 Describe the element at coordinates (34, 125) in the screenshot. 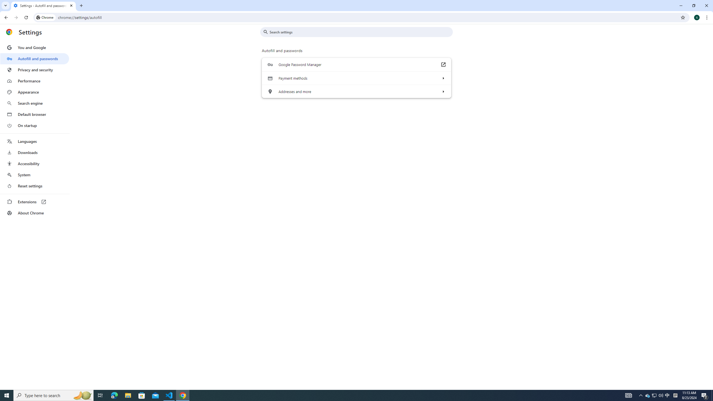

I see `'On startup'` at that location.